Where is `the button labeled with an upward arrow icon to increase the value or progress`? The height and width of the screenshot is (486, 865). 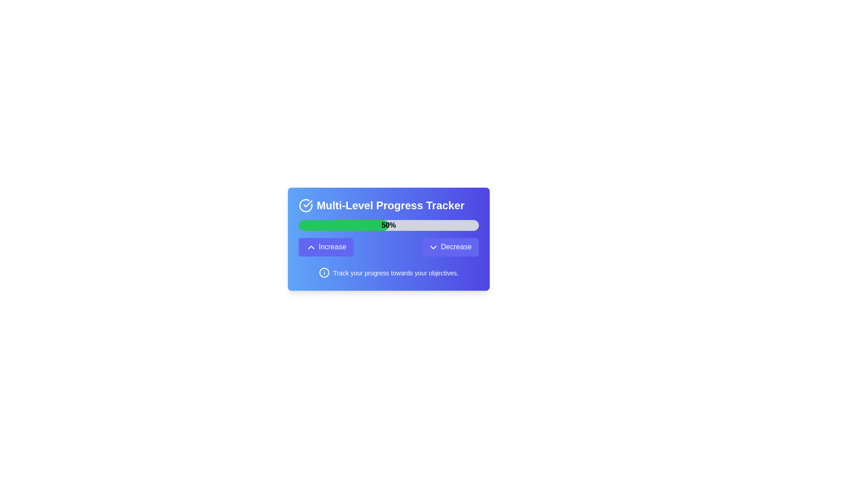
the button labeled with an upward arrow icon to increase the value or progress is located at coordinates (325, 247).